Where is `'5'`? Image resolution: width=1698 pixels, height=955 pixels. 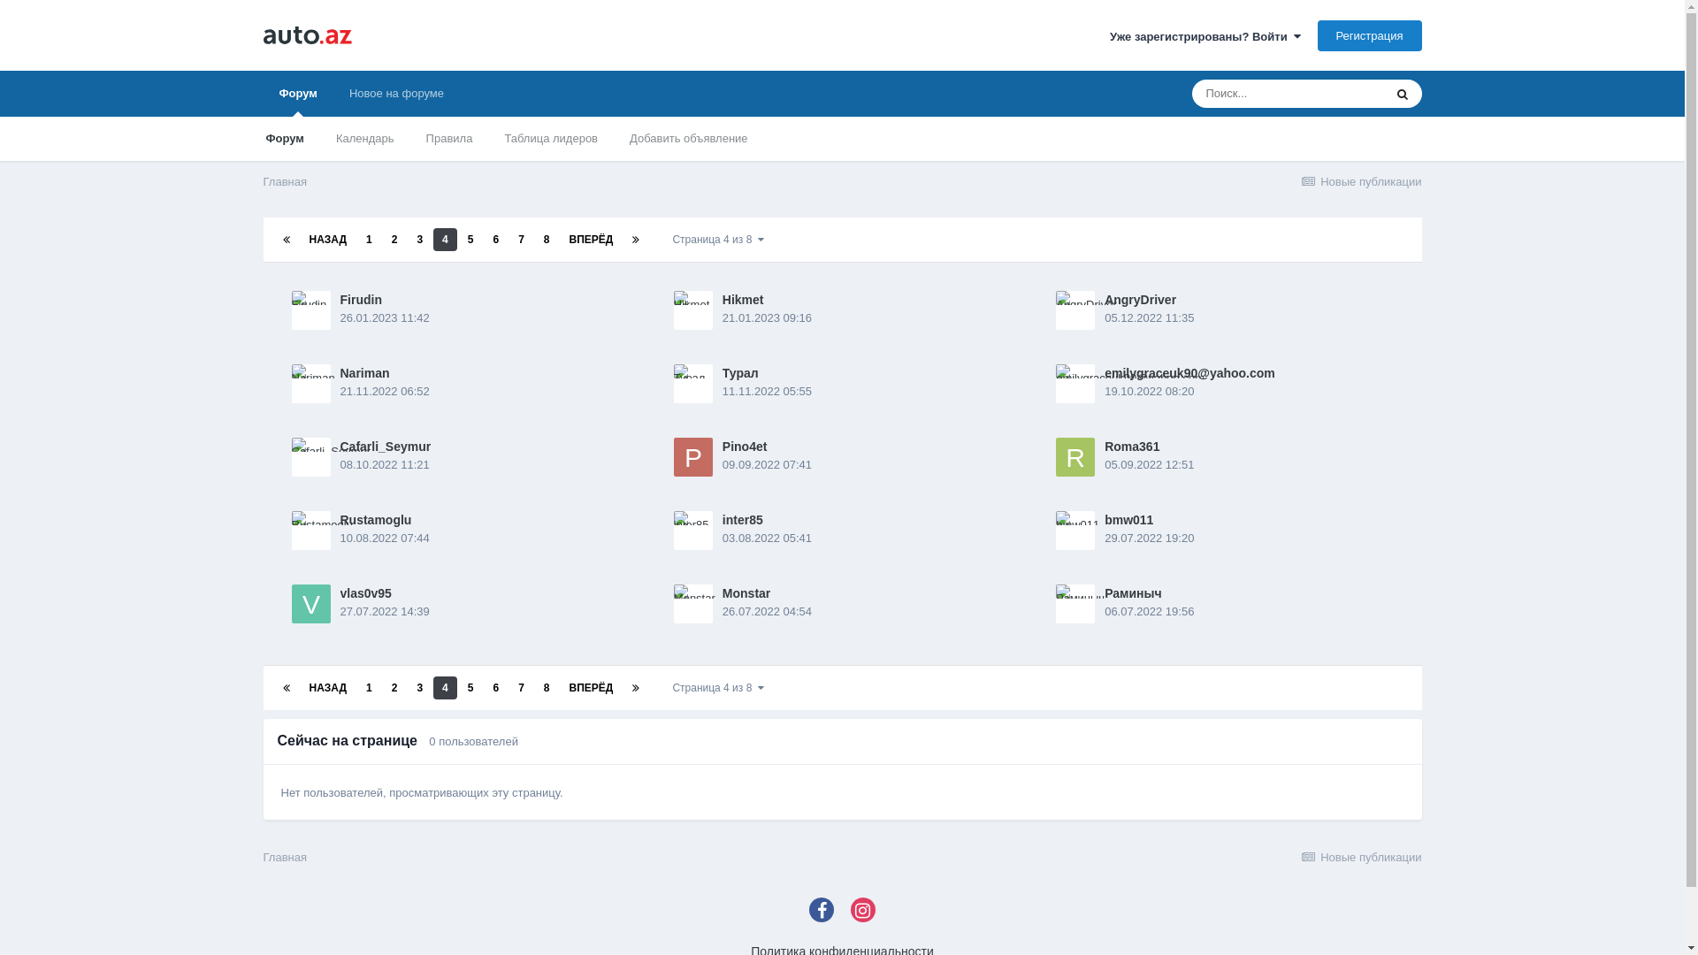
'5' is located at coordinates (458, 239).